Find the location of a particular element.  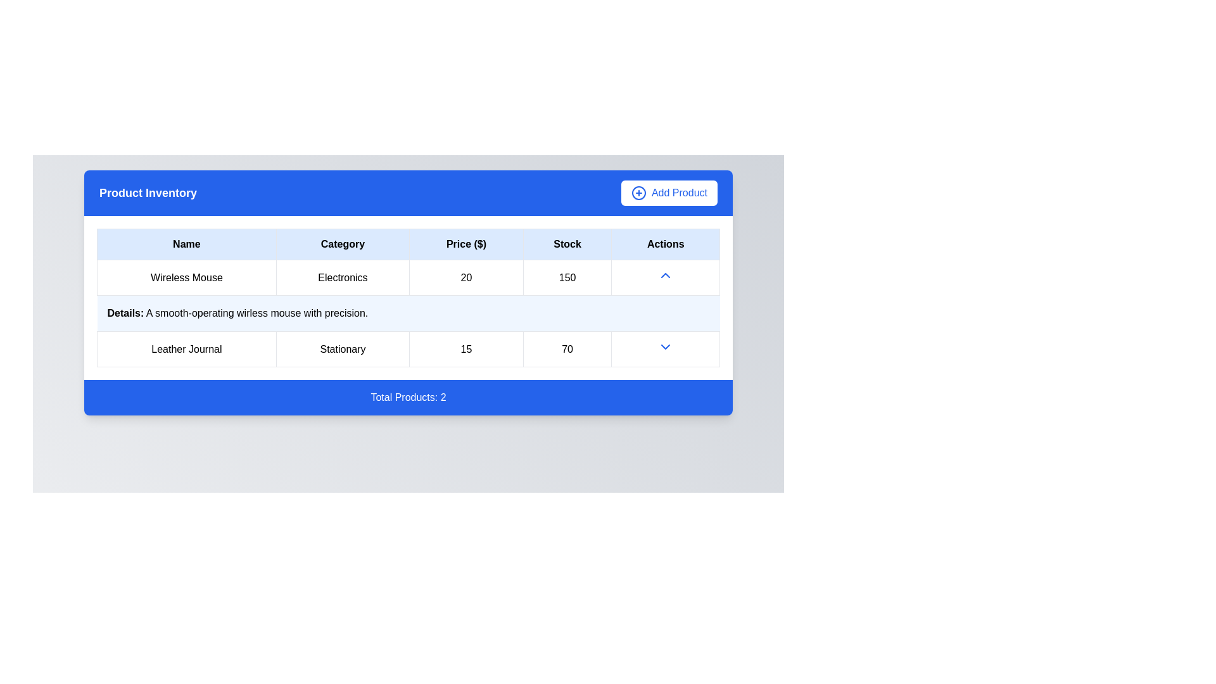

the 'Electronics' text label located in the second cell of the 'Category' column in the table for the product 'Wireless Mouse' is located at coordinates (343, 277).